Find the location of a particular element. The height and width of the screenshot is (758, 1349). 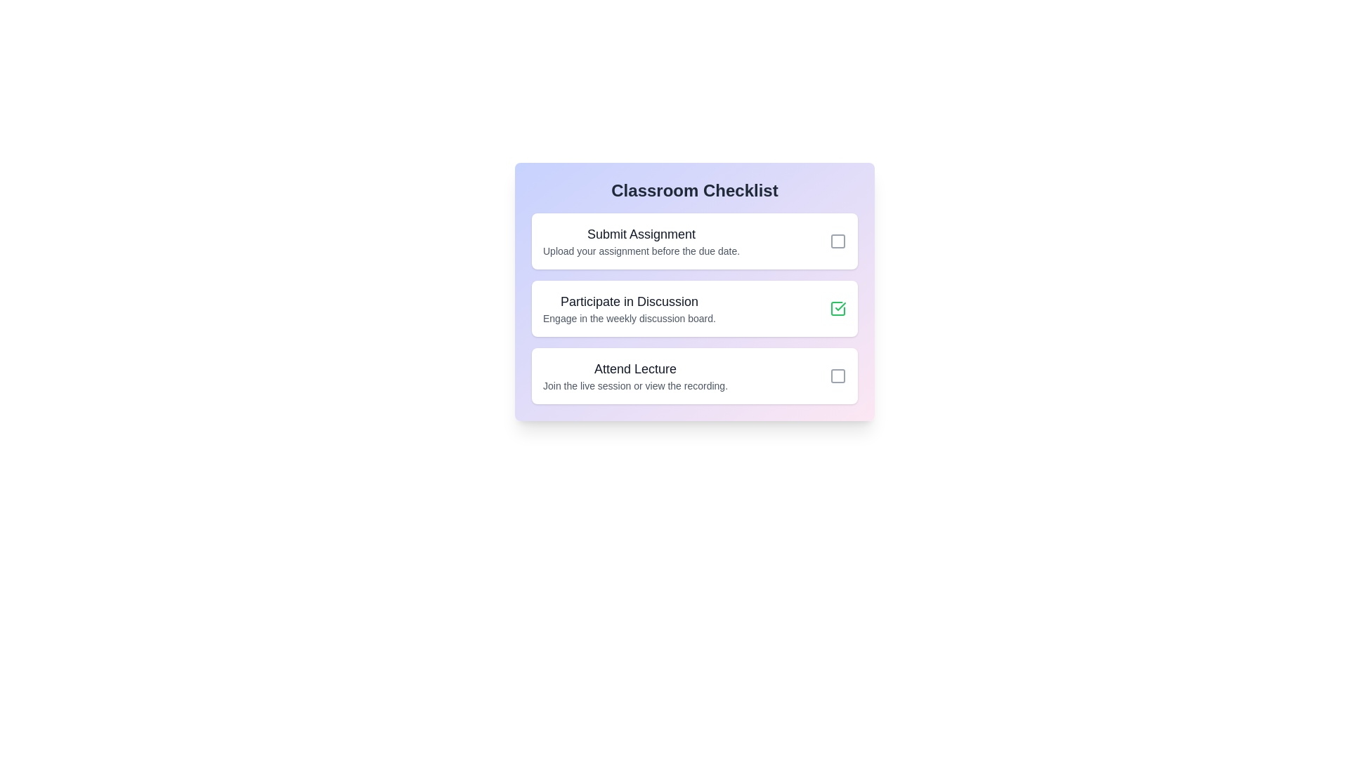

the Informational Text Block that displays 'Submit Assignment' with a description to 'Upload your assignment before the due date.' is located at coordinates (641, 240).